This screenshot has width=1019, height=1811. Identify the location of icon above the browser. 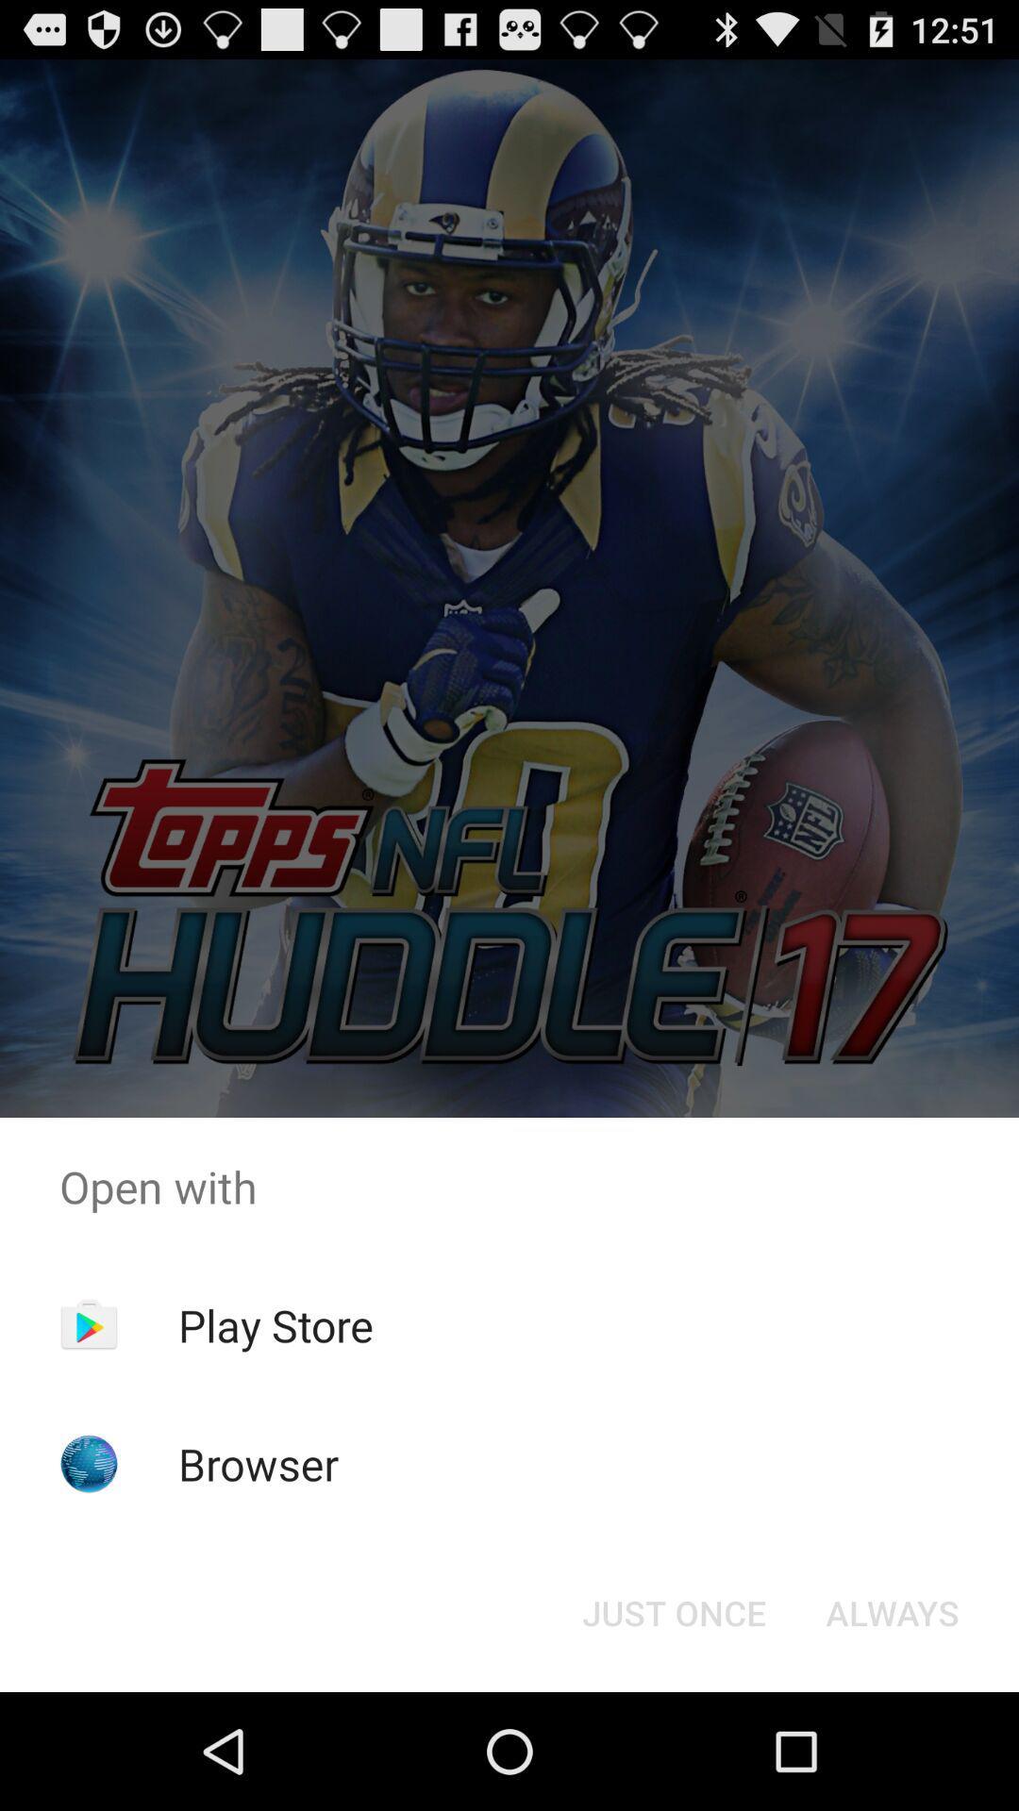
(276, 1324).